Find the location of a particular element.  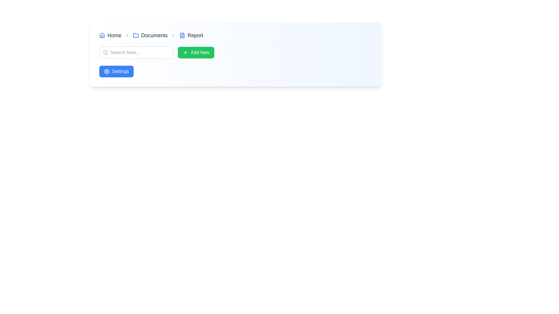

the 'Report' icon in the breadcrumb navigation bar, which visually represents the 'Report' section is located at coordinates (182, 35).